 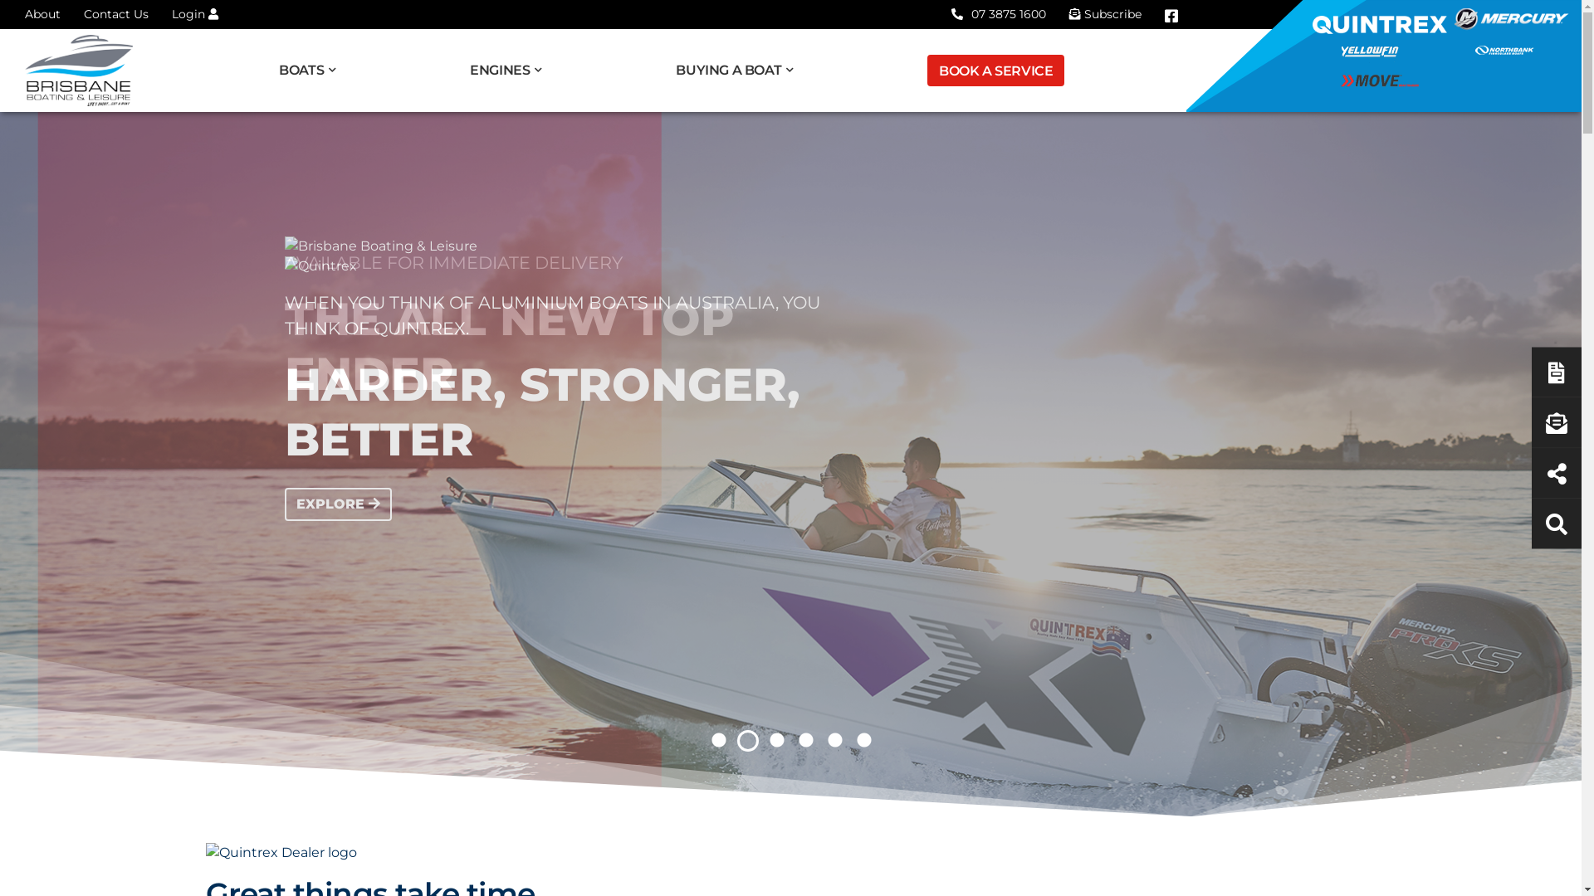 What do you see at coordinates (115, 13) in the screenshot?
I see `'Contact Us'` at bounding box center [115, 13].